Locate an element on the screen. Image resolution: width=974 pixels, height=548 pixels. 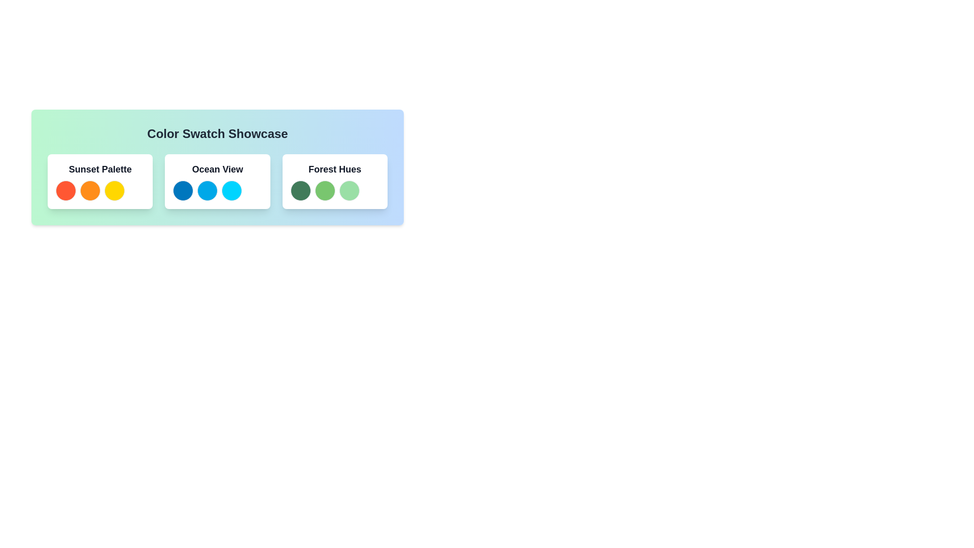
the bright cyan circular color swatch located in the 'Ocean View' section is located at coordinates (231, 190).